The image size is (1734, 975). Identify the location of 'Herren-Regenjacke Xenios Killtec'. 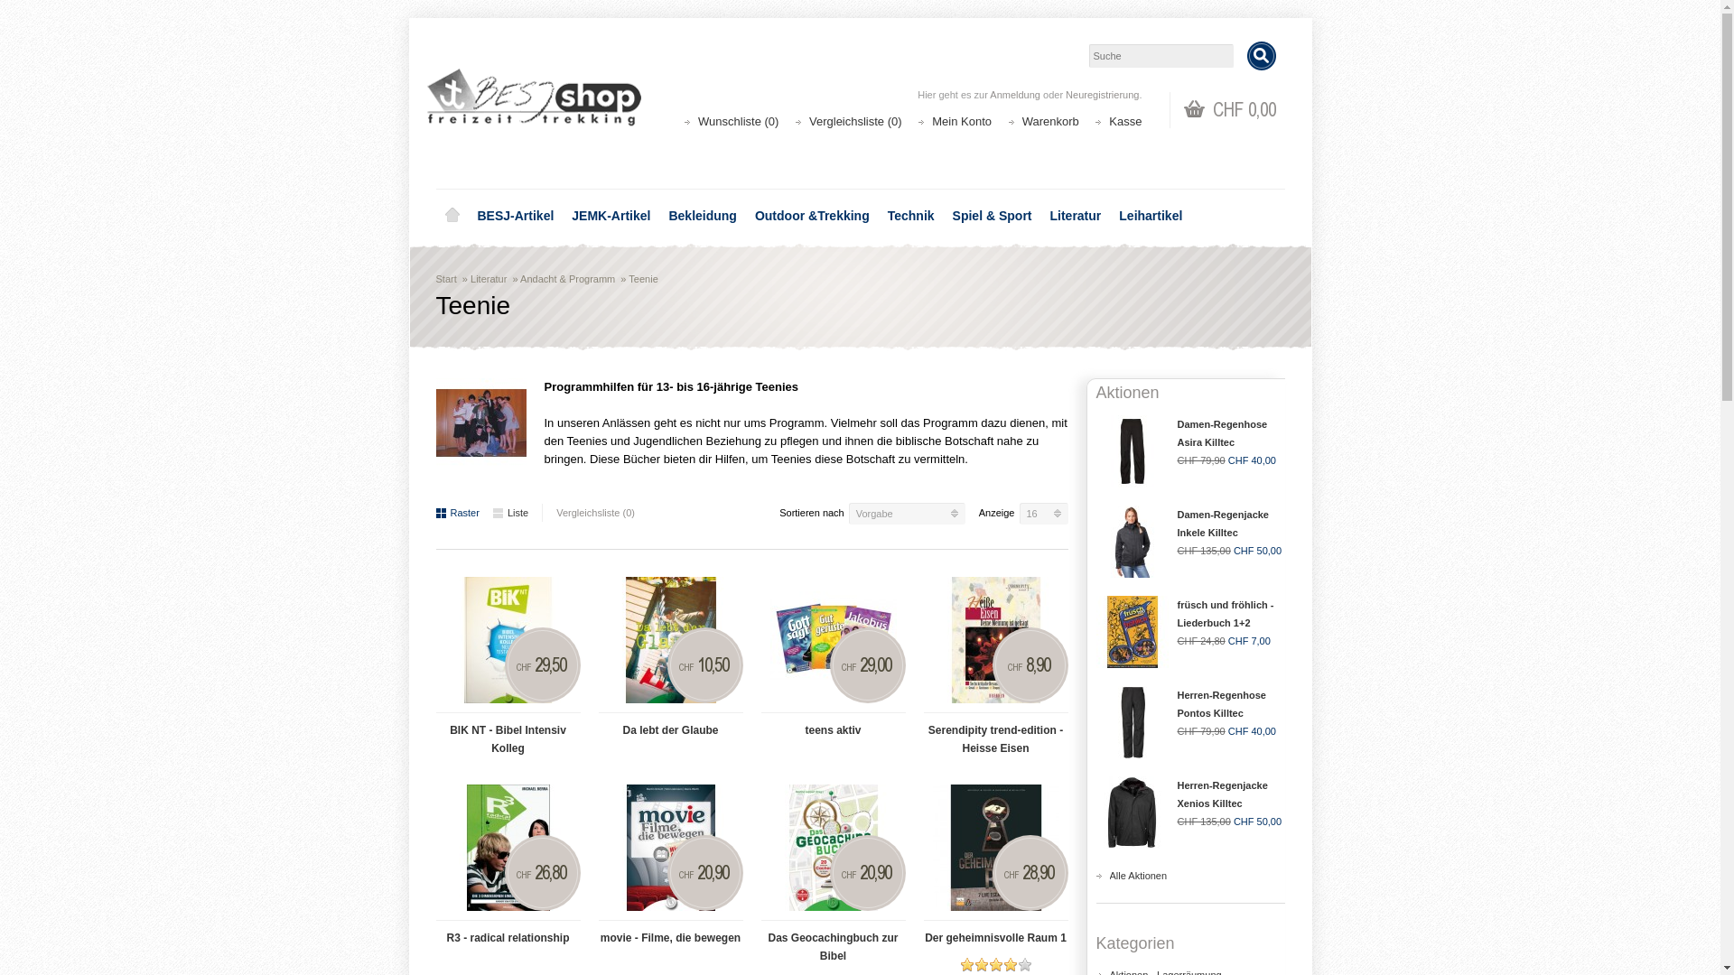
(1222, 793).